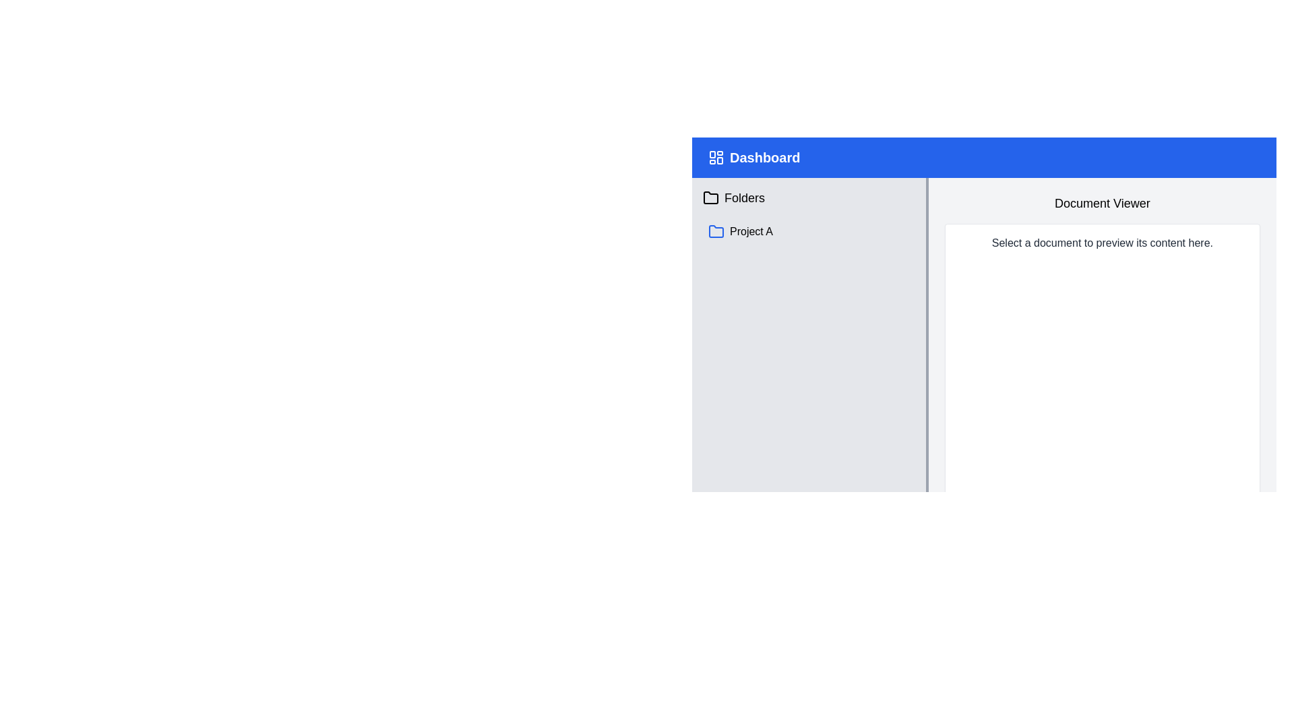  Describe the element at coordinates (1102, 203) in the screenshot. I see `the Static Text Label displaying 'Document Viewer', which is prominently positioned at the top center of the document preview section` at that location.